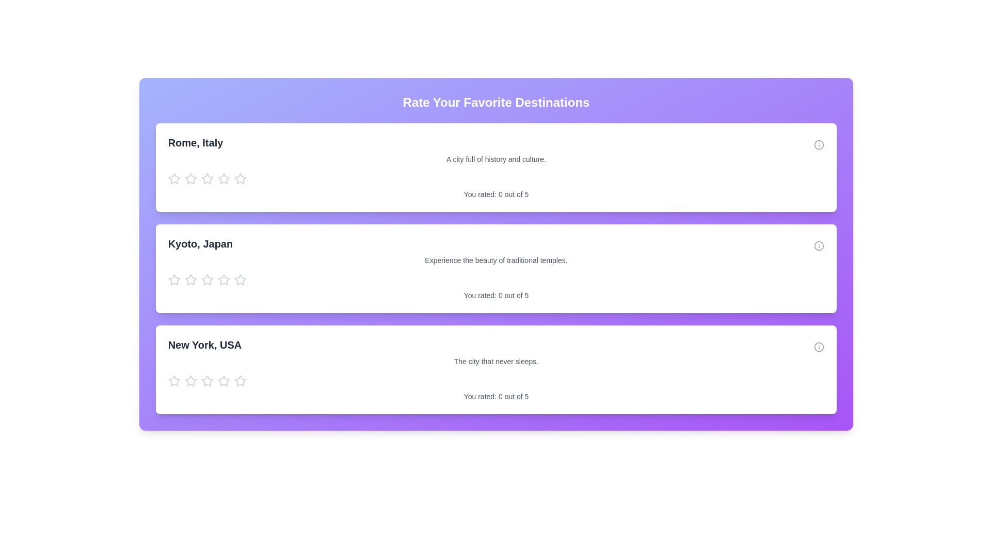 This screenshot has width=991, height=557. What do you see at coordinates (206, 280) in the screenshot?
I see `the second star icon in the star rating section under 'Kyoto, Japan'` at bounding box center [206, 280].